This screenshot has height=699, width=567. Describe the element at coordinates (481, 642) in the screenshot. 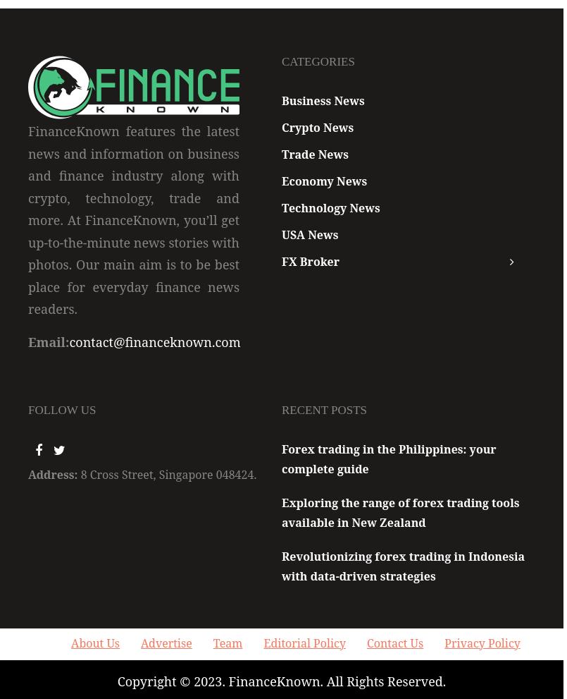

I see `'Privacy Policy'` at that location.